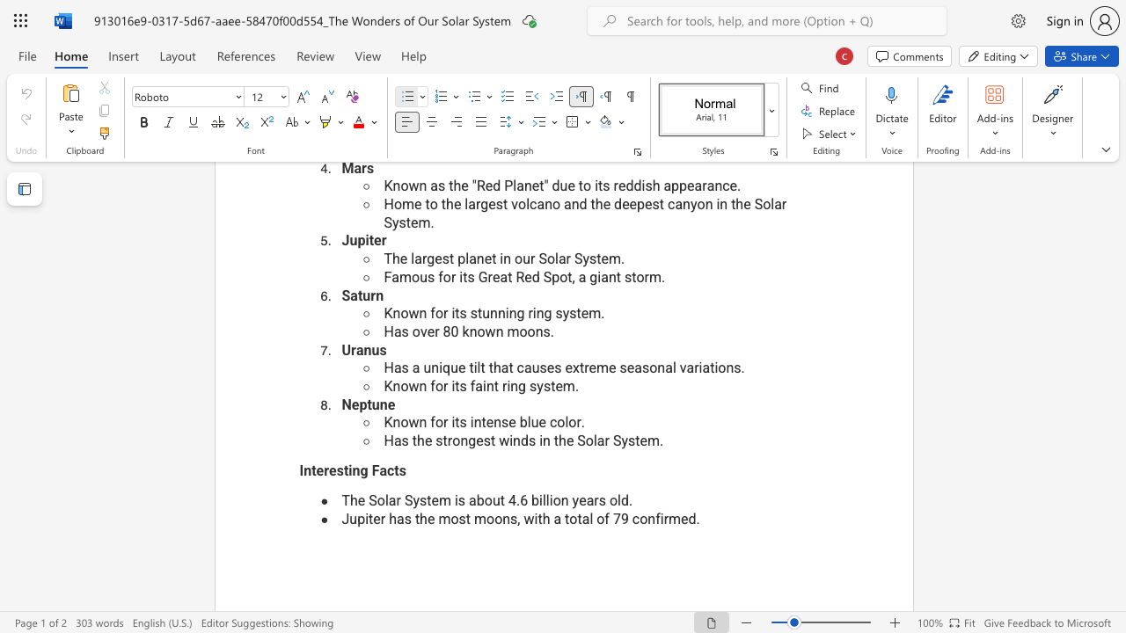 This screenshot has height=633, width=1126. What do you see at coordinates (480, 422) in the screenshot?
I see `the space between the continuous character "n" and "t" in the text` at bounding box center [480, 422].